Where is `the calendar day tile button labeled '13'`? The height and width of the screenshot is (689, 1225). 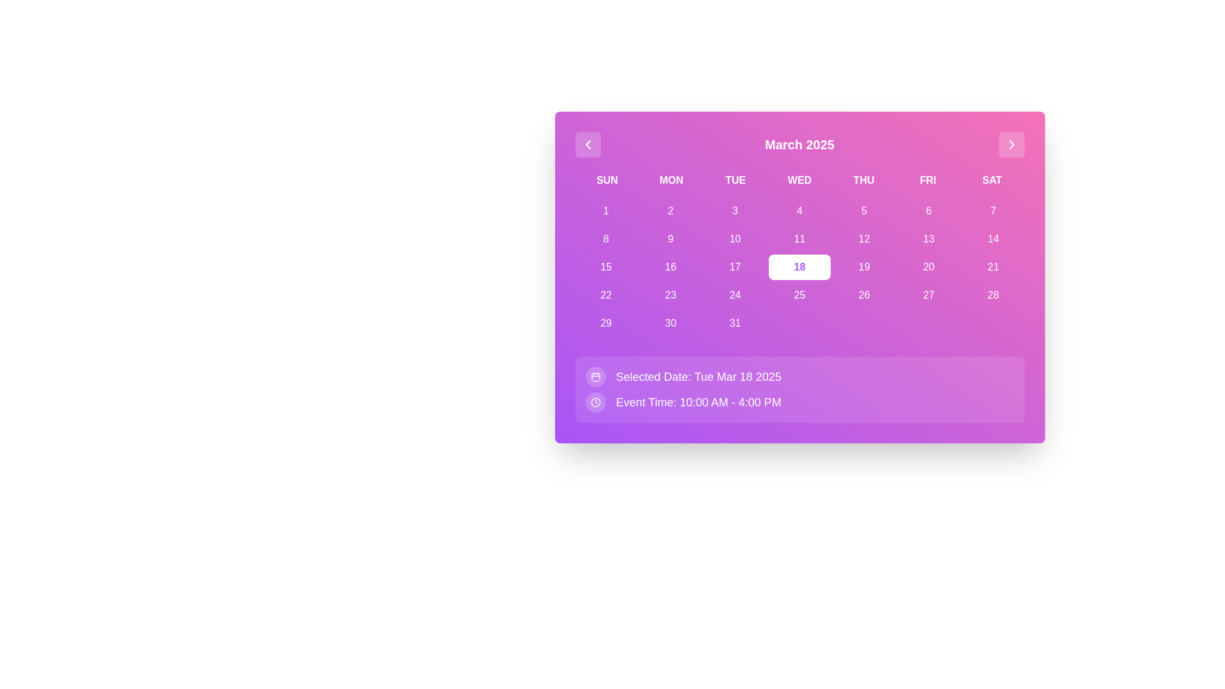 the calendar day tile button labeled '13' is located at coordinates (928, 239).